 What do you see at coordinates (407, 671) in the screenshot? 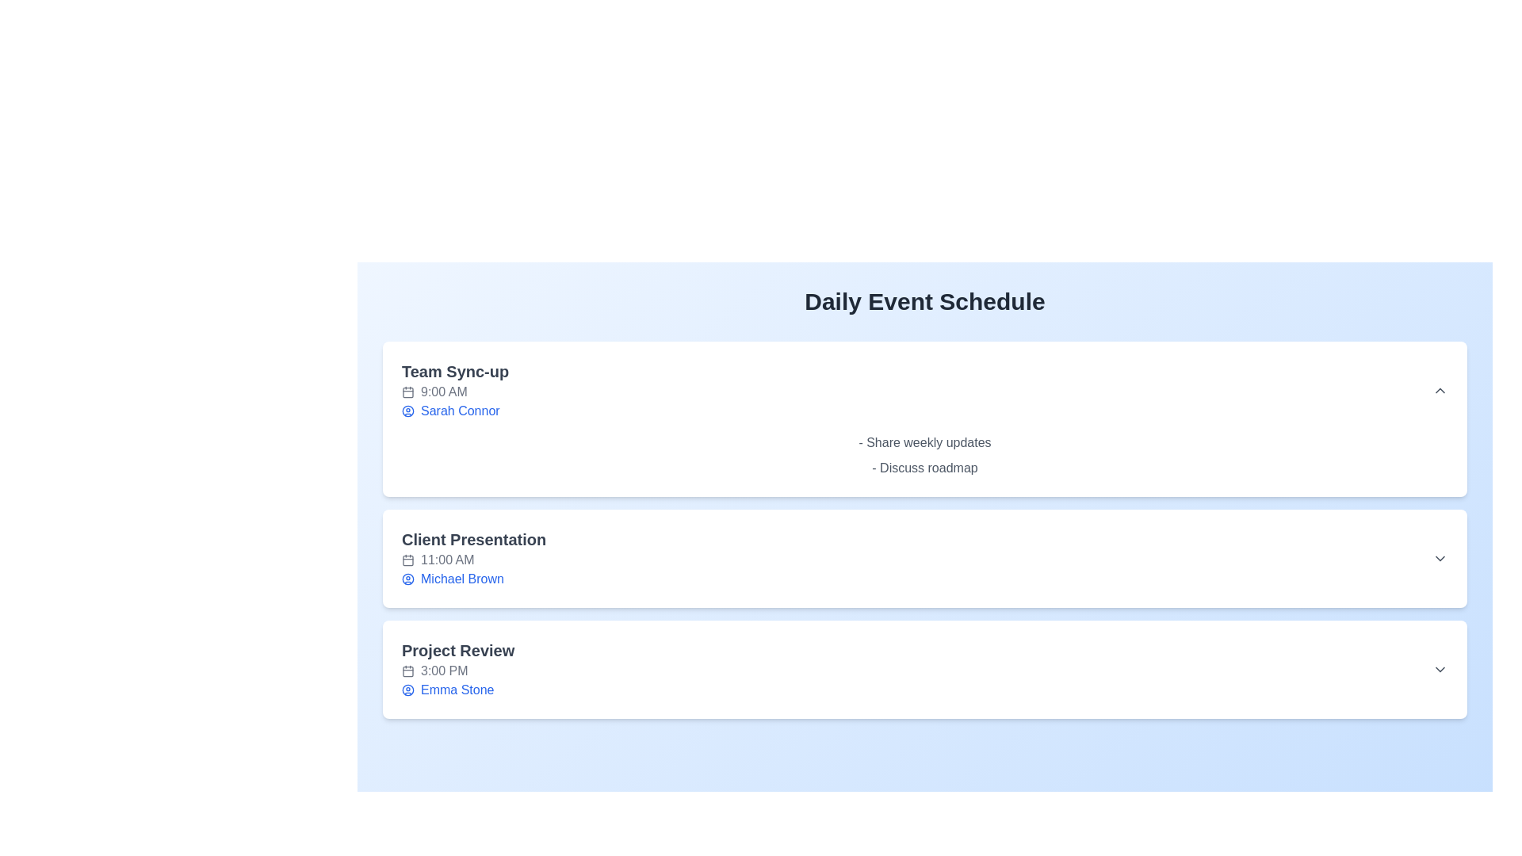
I see `the calendar icon, which is a gray outline located to the left of the text '3:00 PM' in the third event slot titled 'Project Review'` at bounding box center [407, 671].